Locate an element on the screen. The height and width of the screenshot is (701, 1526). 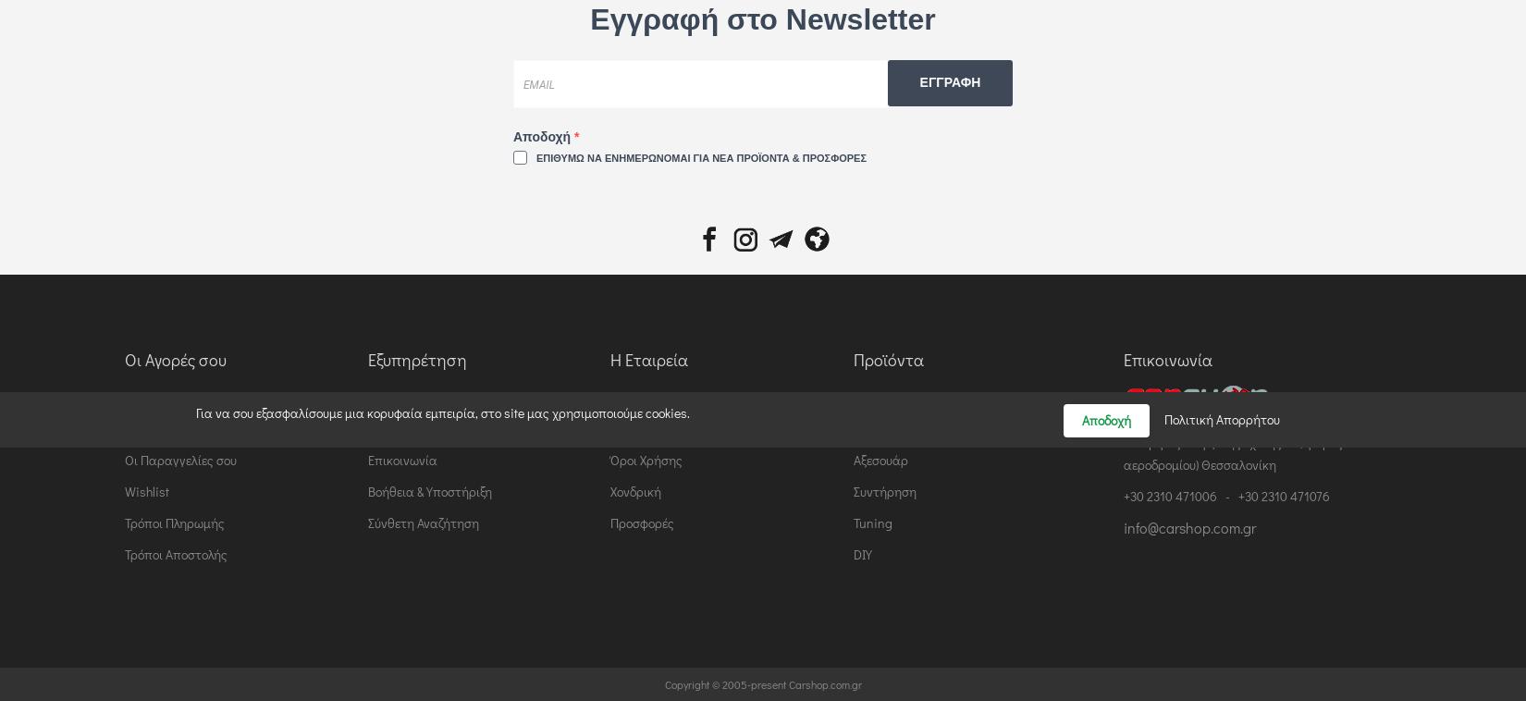
'info@carshop.com.gr' is located at coordinates (1188, 525).